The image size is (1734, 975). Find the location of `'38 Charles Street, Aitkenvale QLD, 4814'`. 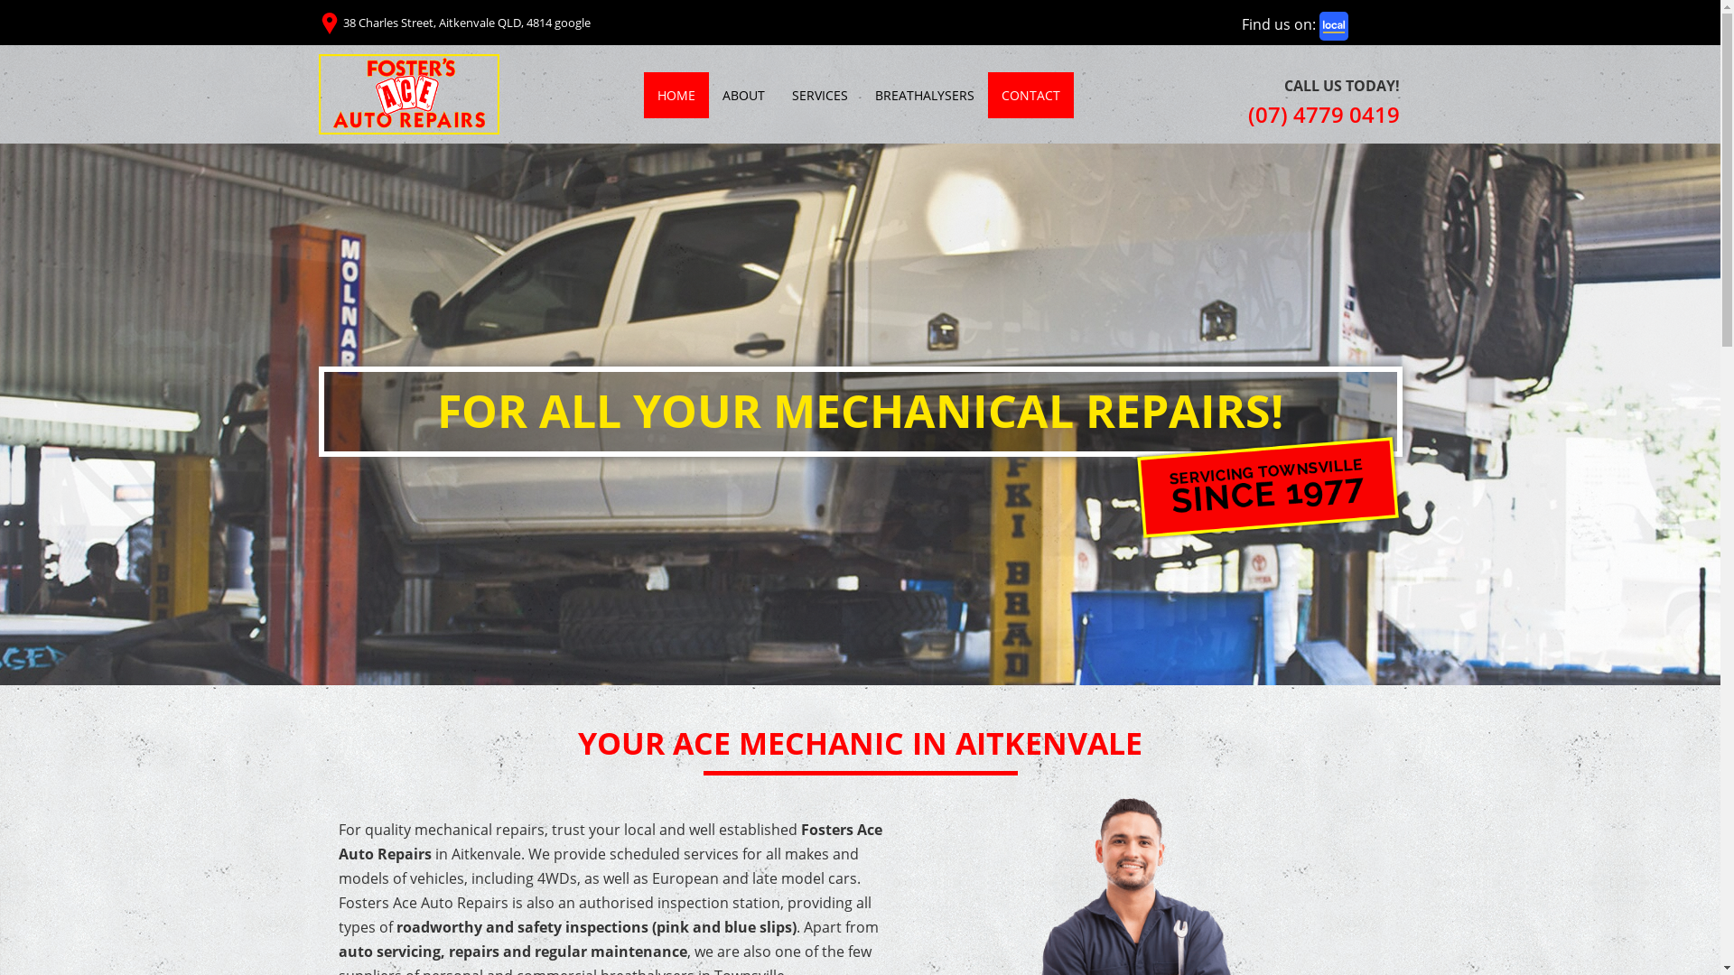

'38 Charles Street, Aitkenvale QLD, 4814' is located at coordinates (342, 22).